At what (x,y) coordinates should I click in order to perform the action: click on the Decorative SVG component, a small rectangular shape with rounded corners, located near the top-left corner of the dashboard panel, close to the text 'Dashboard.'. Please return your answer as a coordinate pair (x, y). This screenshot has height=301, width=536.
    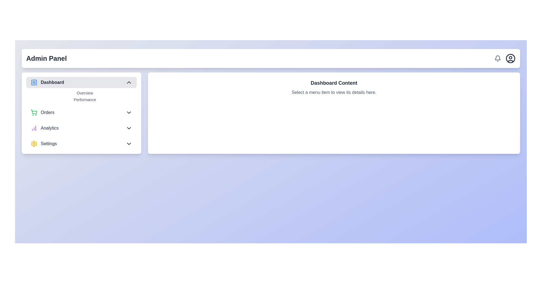
    Looking at the image, I should click on (33, 82).